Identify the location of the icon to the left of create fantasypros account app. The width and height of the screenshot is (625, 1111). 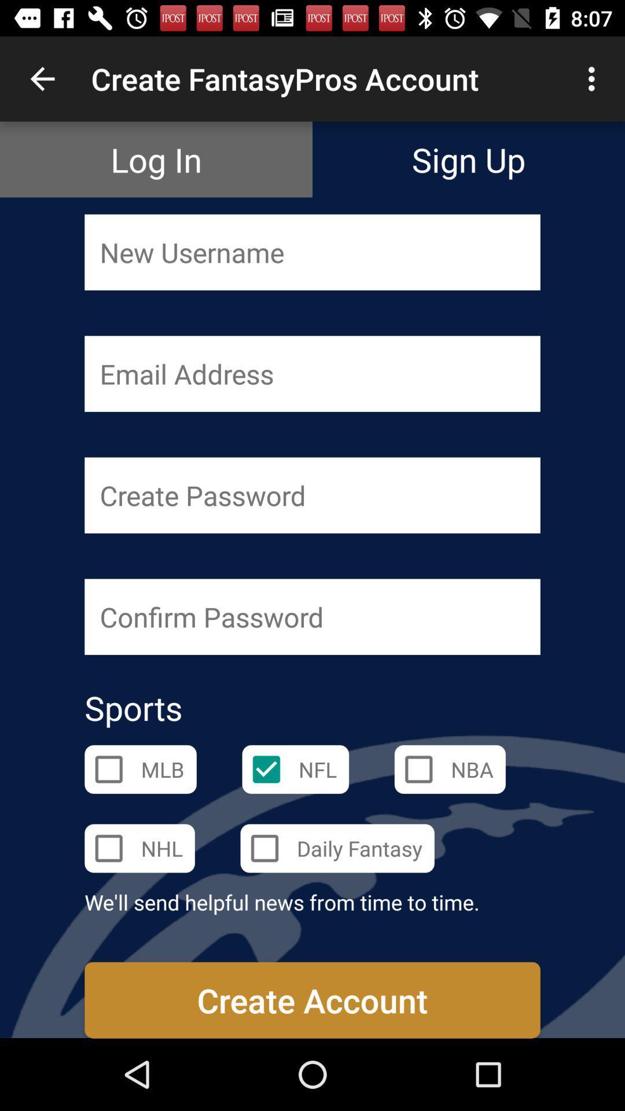
(42, 78).